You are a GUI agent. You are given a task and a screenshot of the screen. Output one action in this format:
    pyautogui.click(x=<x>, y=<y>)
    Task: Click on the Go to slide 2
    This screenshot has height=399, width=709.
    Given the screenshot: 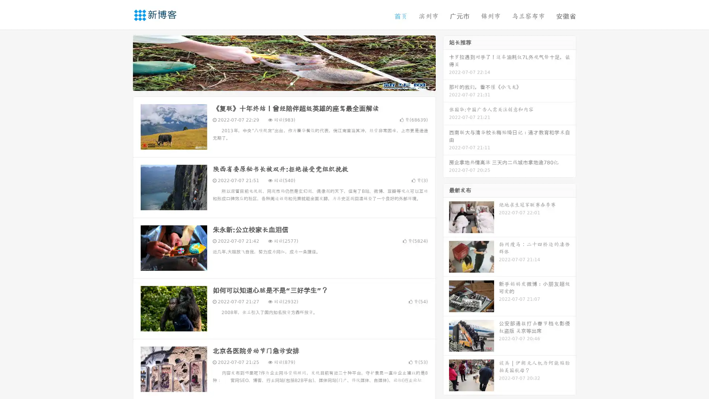 What is the action you would take?
    pyautogui.click(x=284, y=83)
    